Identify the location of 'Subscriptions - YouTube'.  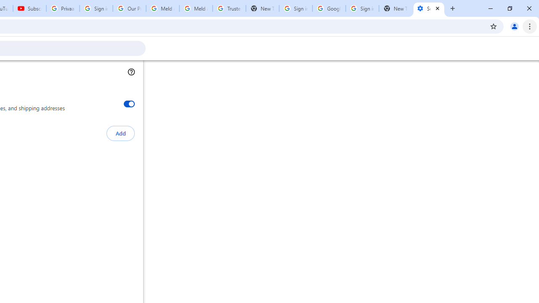
(29, 8).